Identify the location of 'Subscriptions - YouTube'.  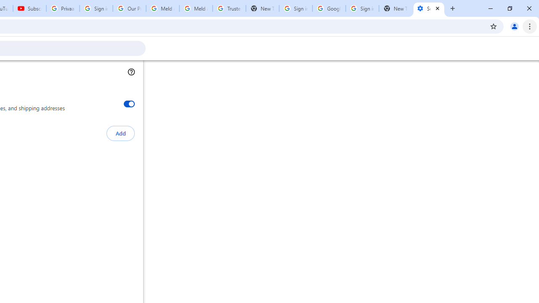
(29, 8).